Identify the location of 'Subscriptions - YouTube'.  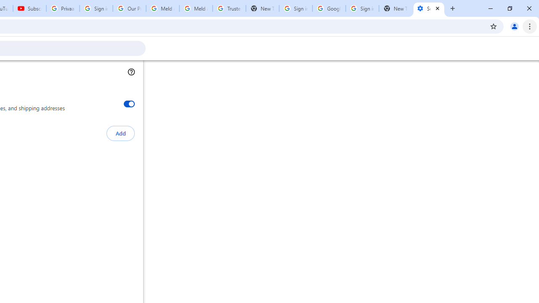
(29, 8).